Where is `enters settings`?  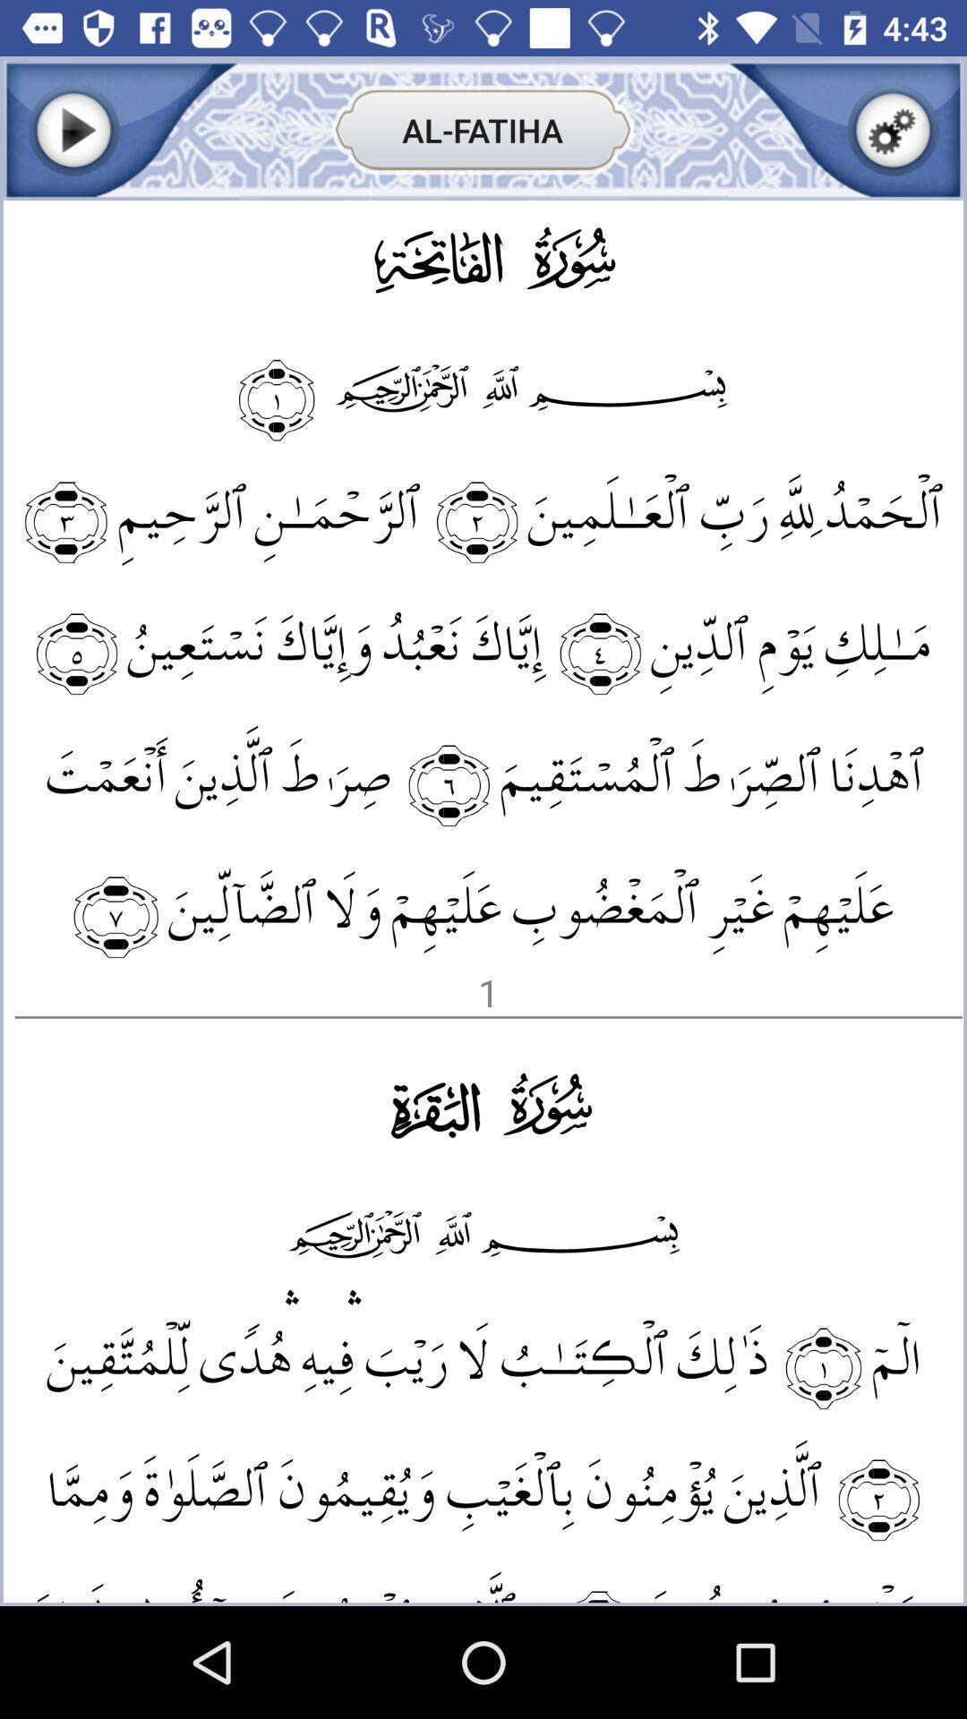
enters settings is located at coordinates (893, 129).